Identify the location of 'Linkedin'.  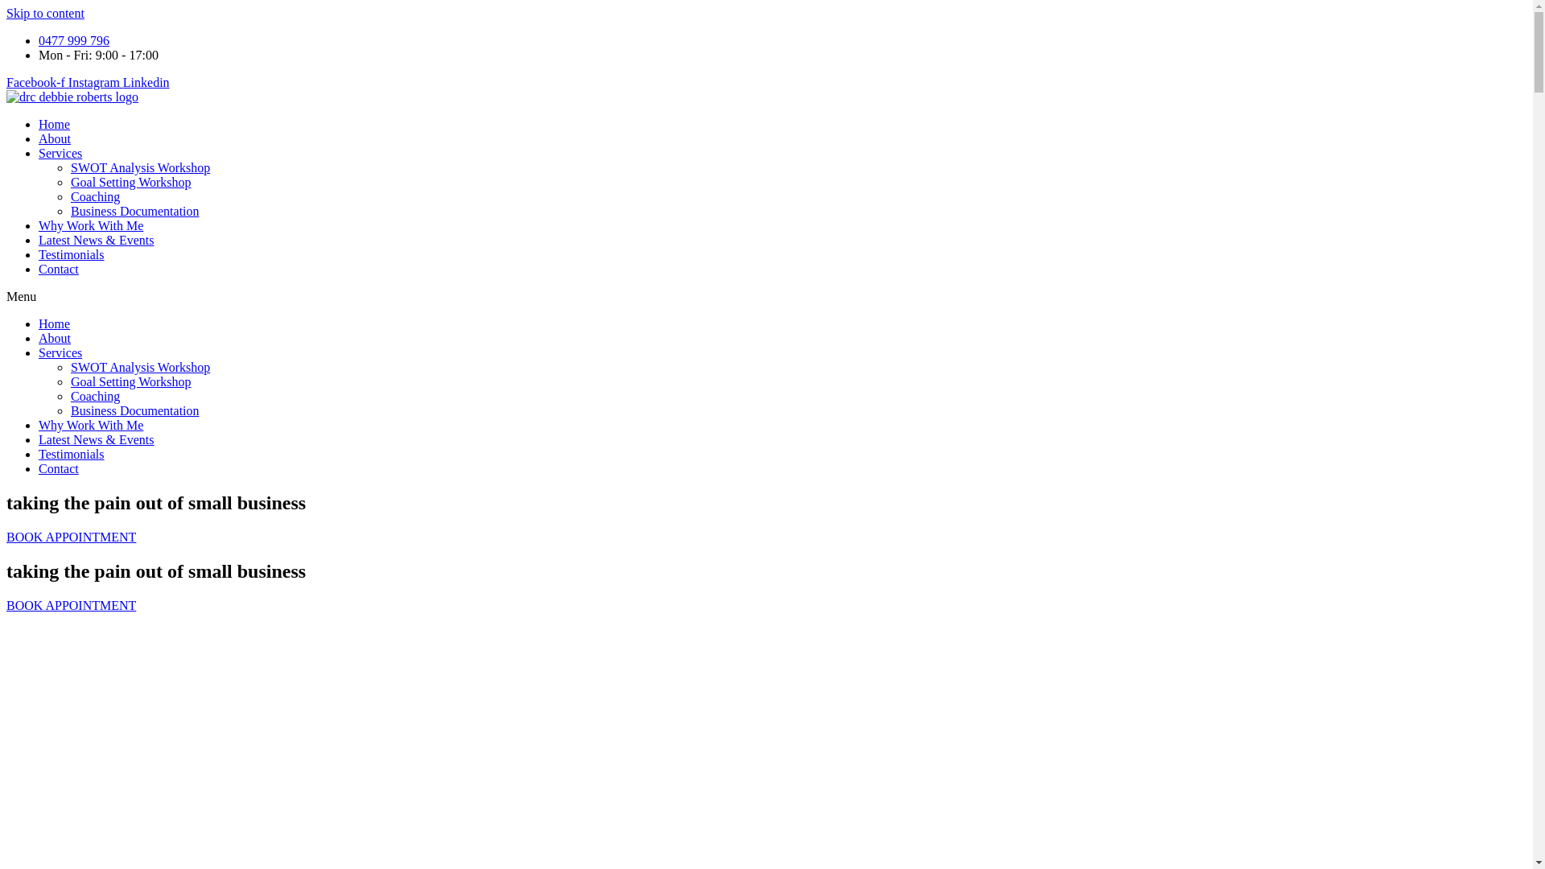
(146, 82).